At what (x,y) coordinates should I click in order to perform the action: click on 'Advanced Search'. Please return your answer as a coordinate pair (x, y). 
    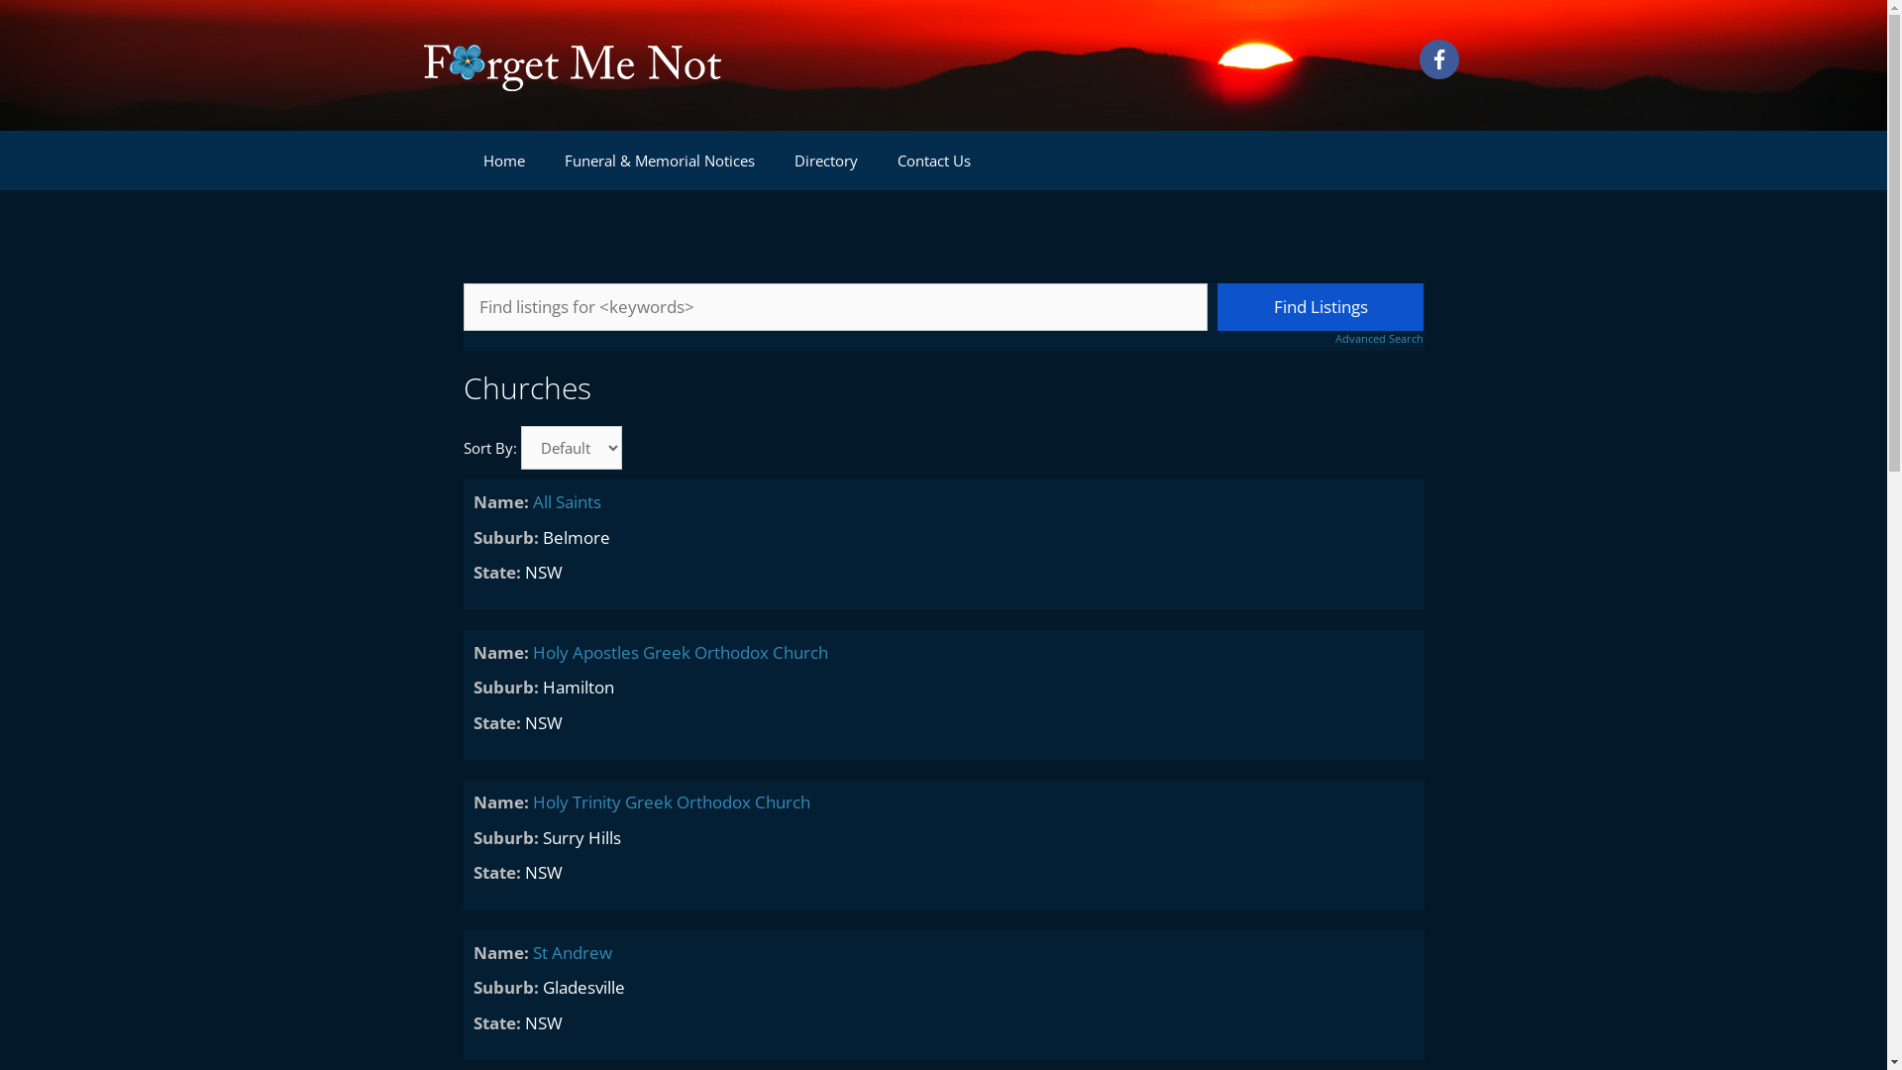
    Looking at the image, I should click on (1321, 338).